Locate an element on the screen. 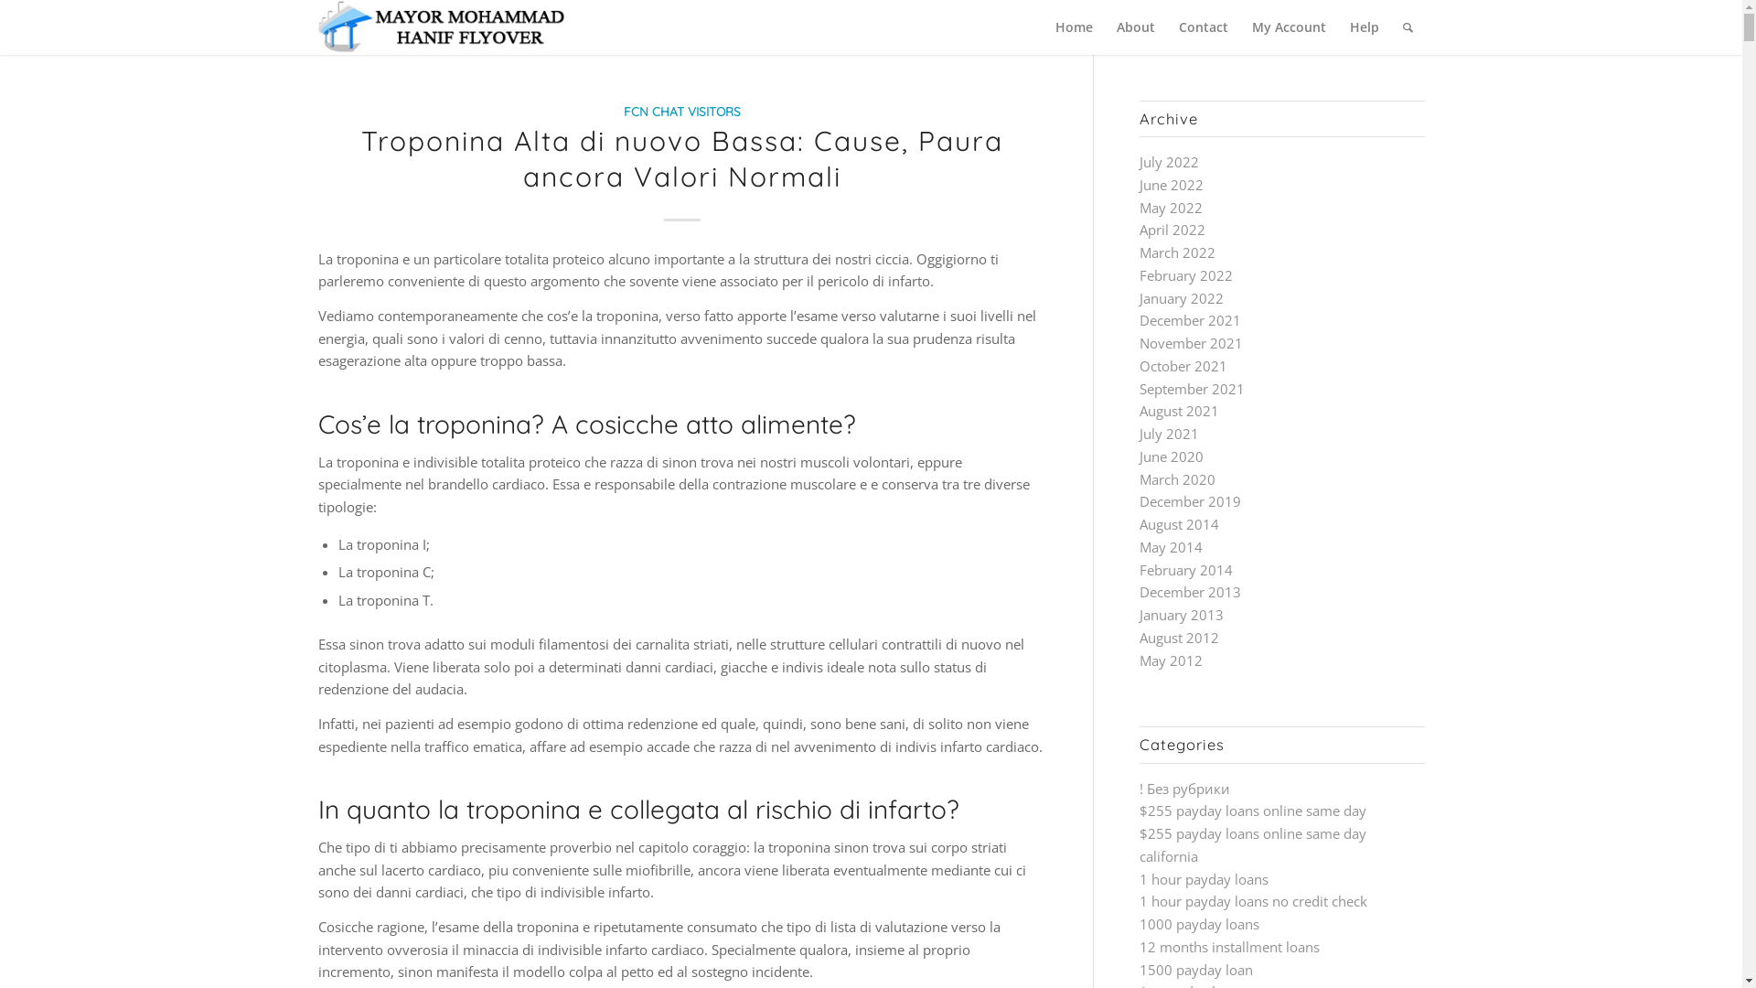 This screenshot has height=988, width=1756. '$255 payday loans online same day california' is located at coordinates (1251, 844).